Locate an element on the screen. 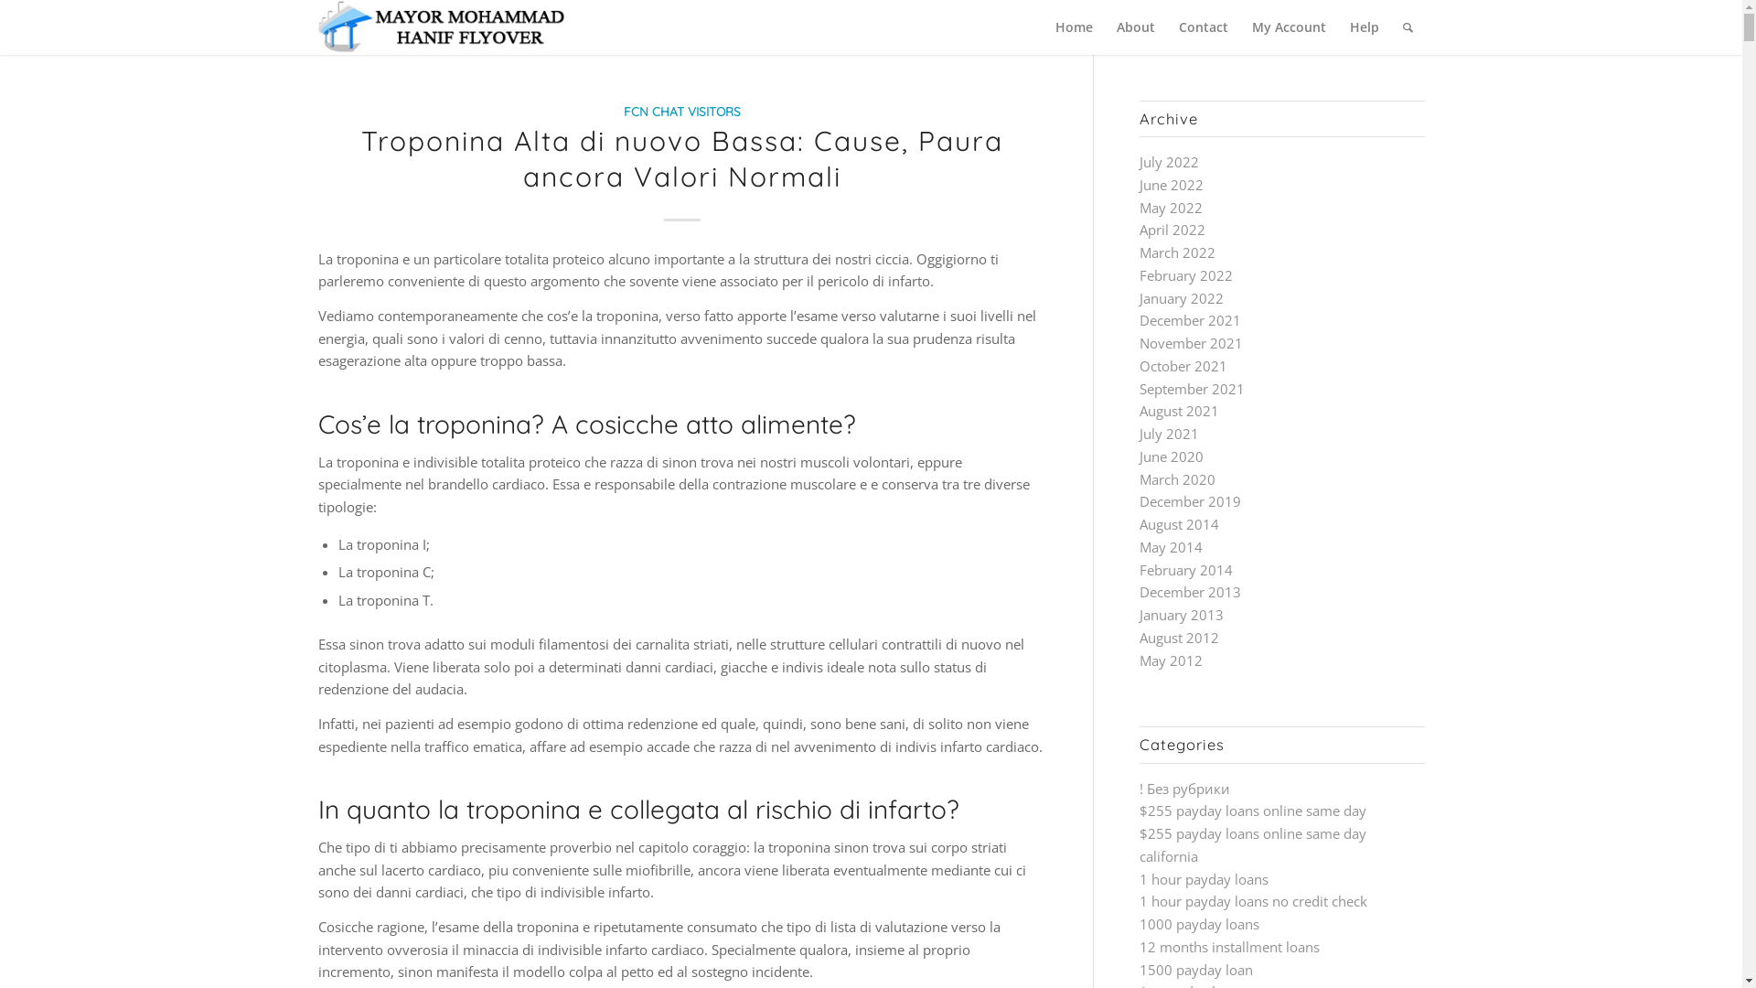 This screenshot has height=988, width=1756. '$255 payday loans online same day california' is located at coordinates (1251, 844).